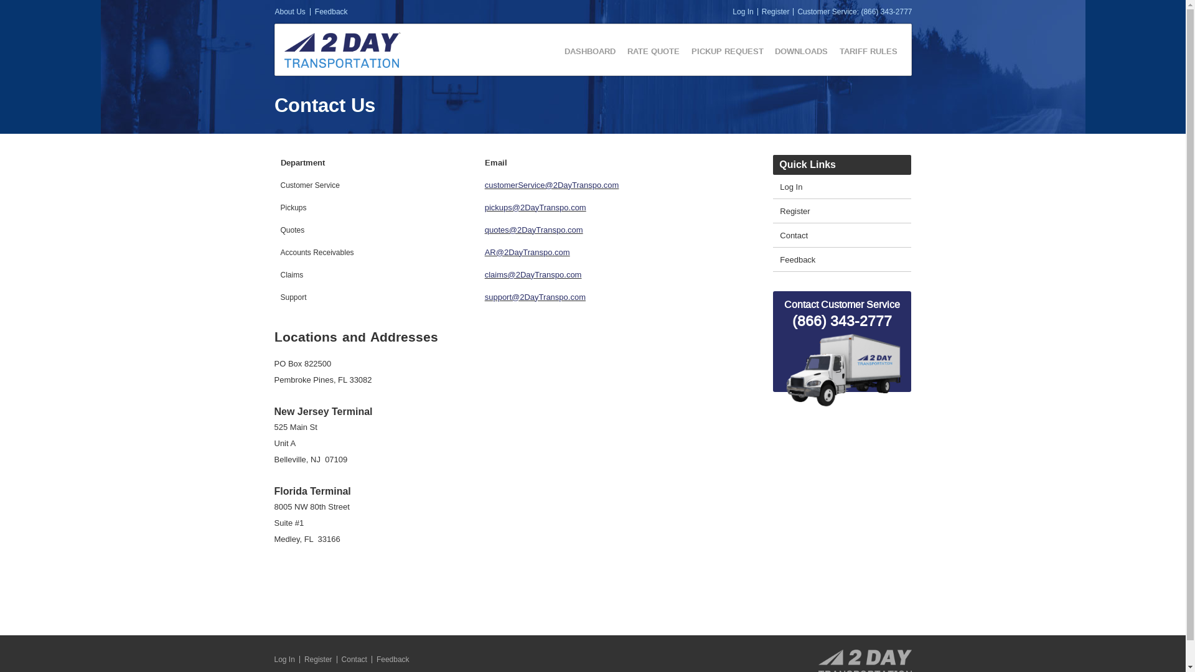 This screenshot has height=672, width=1195. Describe the element at coordinates (863, 50) in the screenshot. I see `'TARIFF RULES'` at that location.